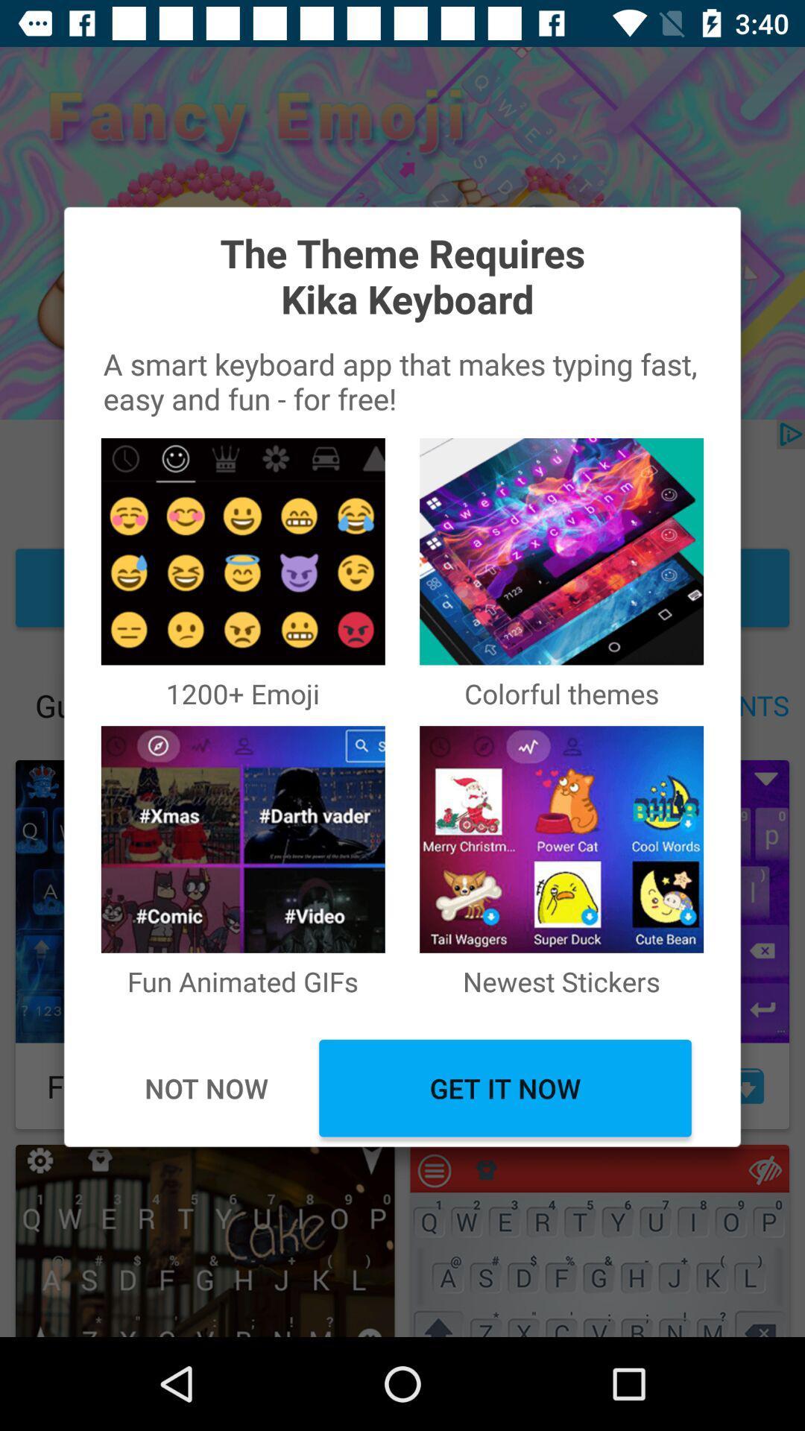 This screenshot has width=805, height=1431. I want to click on the icon to the left of the get it now item, so click(206, 1088).